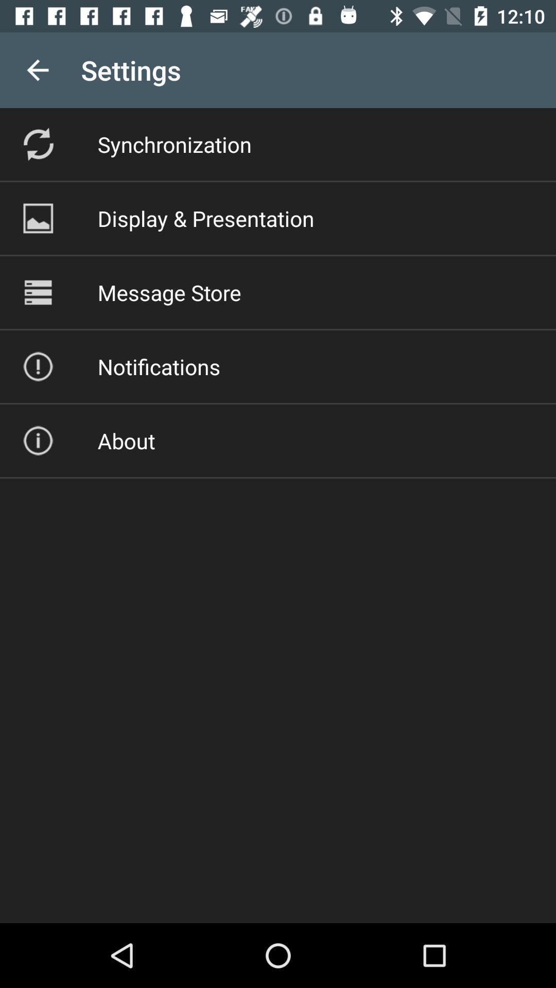 Image resolution: width=556 pixels, height=988 pixels. What do you see at coordinates (206, 218) in the screenshot?
I see `the icon below synchronization` at bounding box center [206, 218].